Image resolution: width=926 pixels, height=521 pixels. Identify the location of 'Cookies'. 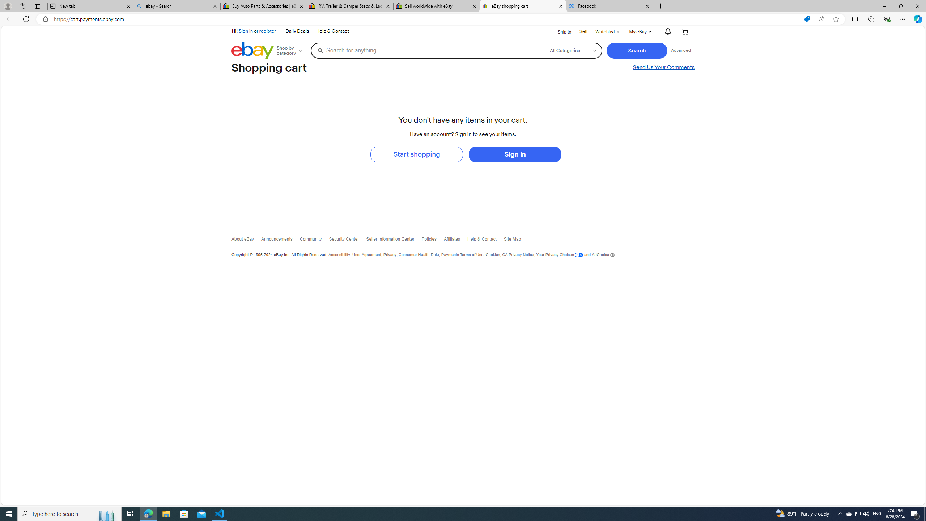
(492, 255).